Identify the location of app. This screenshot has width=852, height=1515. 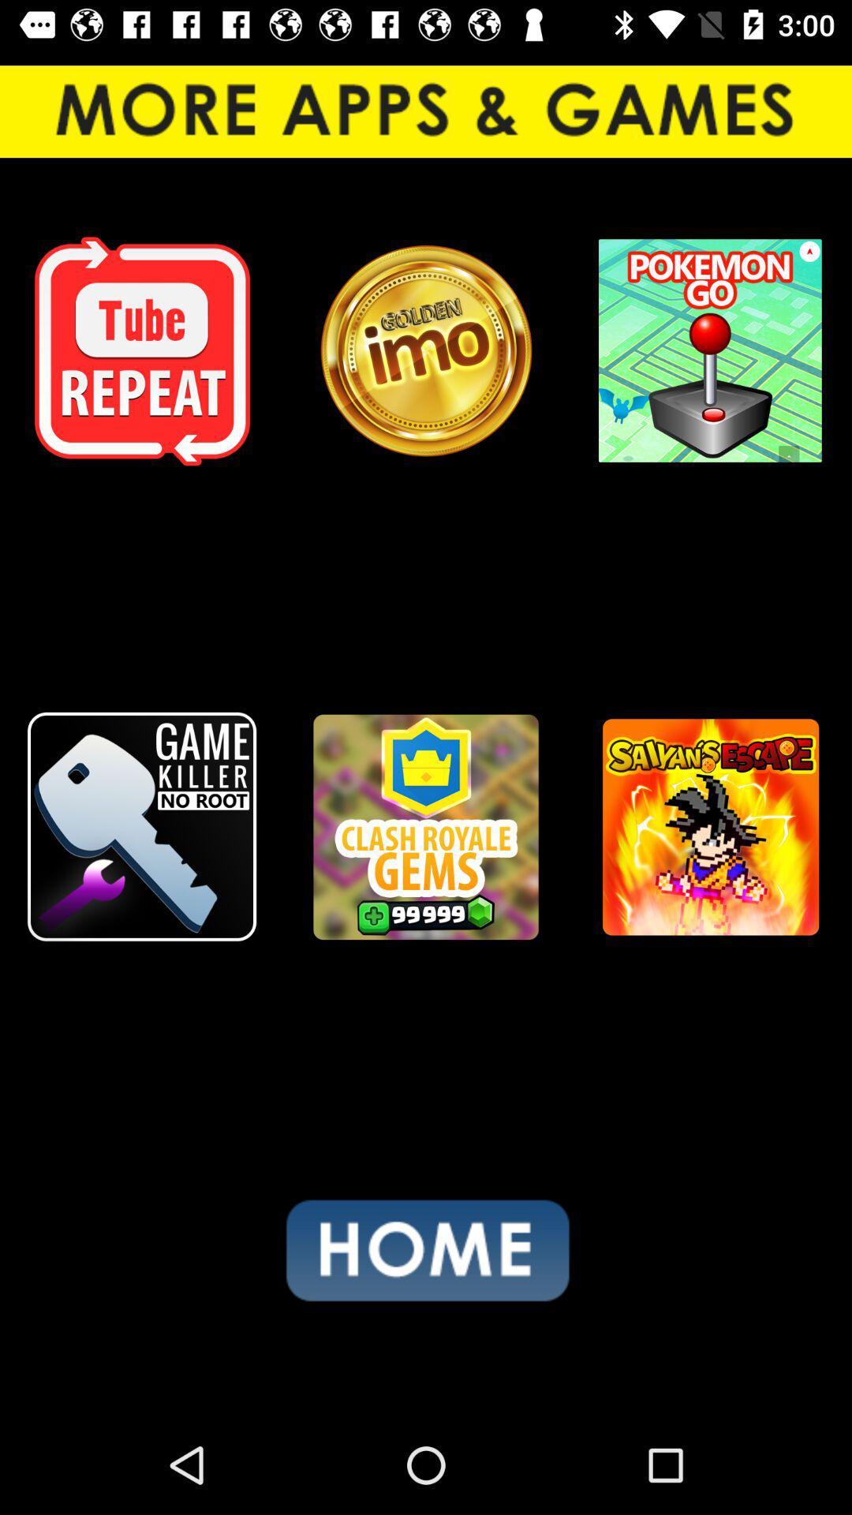
(708, 826).